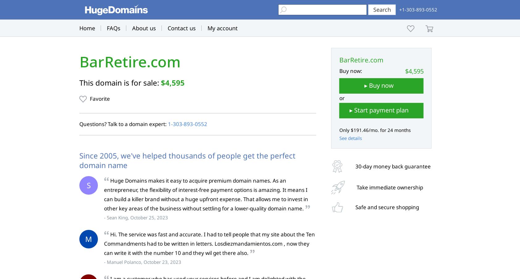 This screenshot has height=279, width=520. What do you see at coordinates (181, 28) in the screenshot?
I see `'Contact us'` at bounding box center [181, 28].